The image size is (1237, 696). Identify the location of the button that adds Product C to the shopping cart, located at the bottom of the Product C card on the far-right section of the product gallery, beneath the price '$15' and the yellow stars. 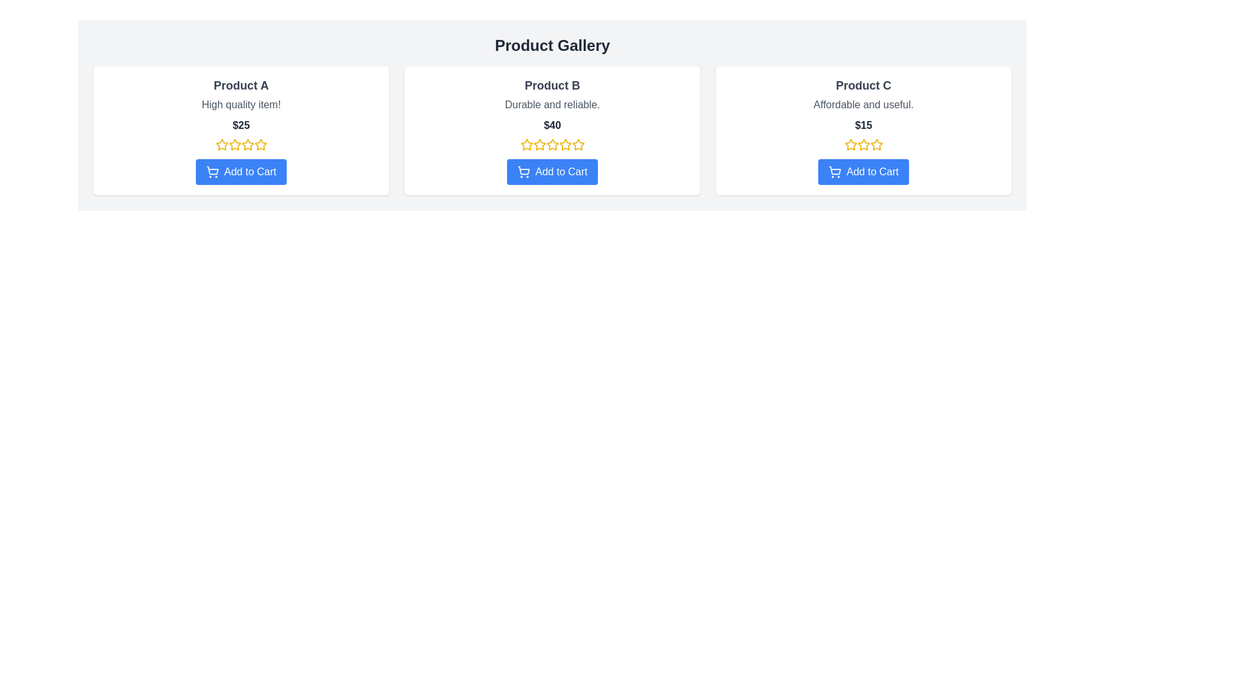
(863, 171).